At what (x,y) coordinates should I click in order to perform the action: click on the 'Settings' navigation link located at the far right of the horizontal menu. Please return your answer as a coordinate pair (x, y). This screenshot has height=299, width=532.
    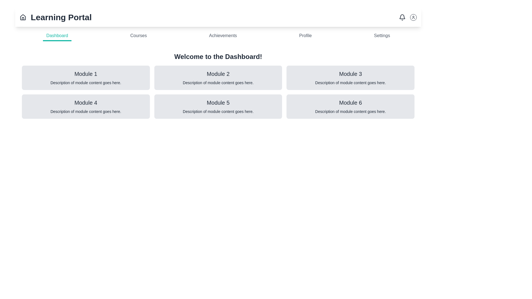
    Looking at the image, I should click on (381, 36).